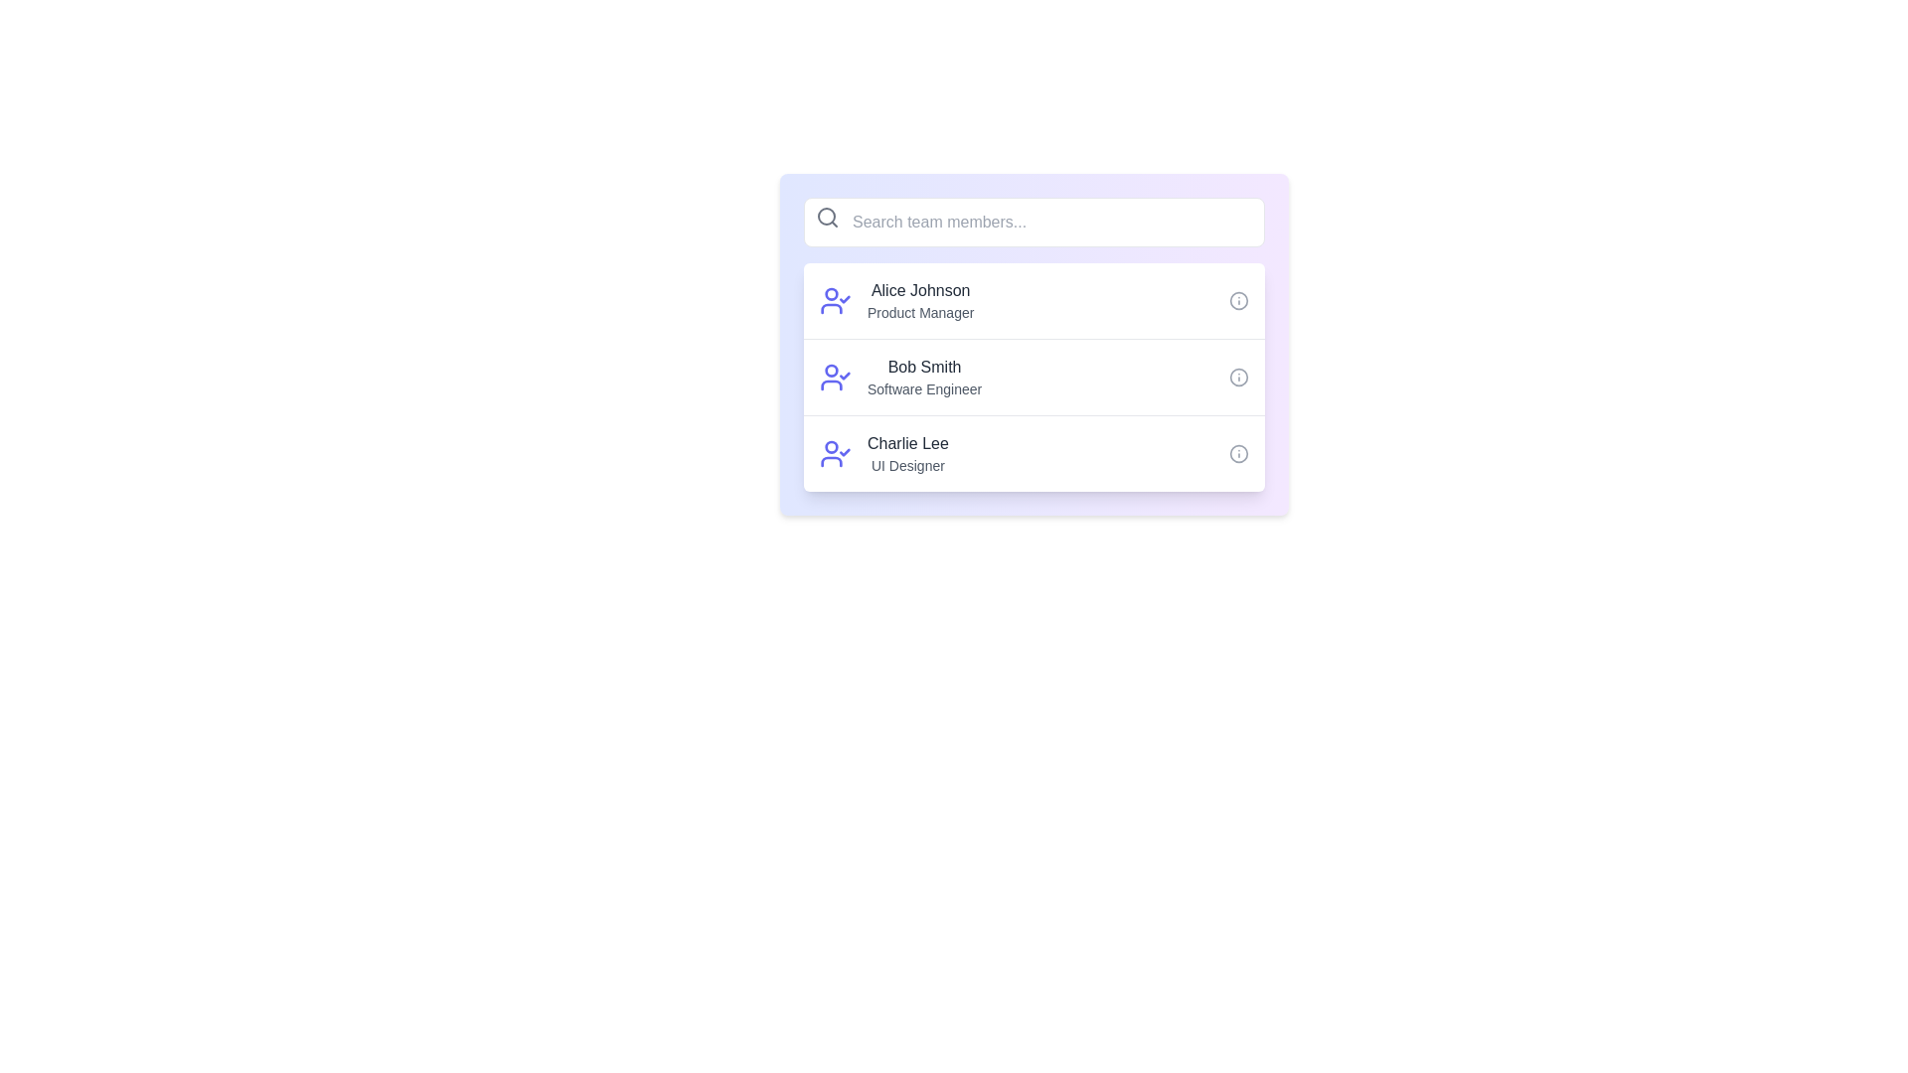 The width and height of the screenshot is (1908, 1073). Describe the element at coordinates (919, 301) in the screenshot. I see `the text block displaying 'Alice Johnson' and 'Product Manager', which is positioned between a user icon with a checkmark on the left and an information icon on the right` at that location.